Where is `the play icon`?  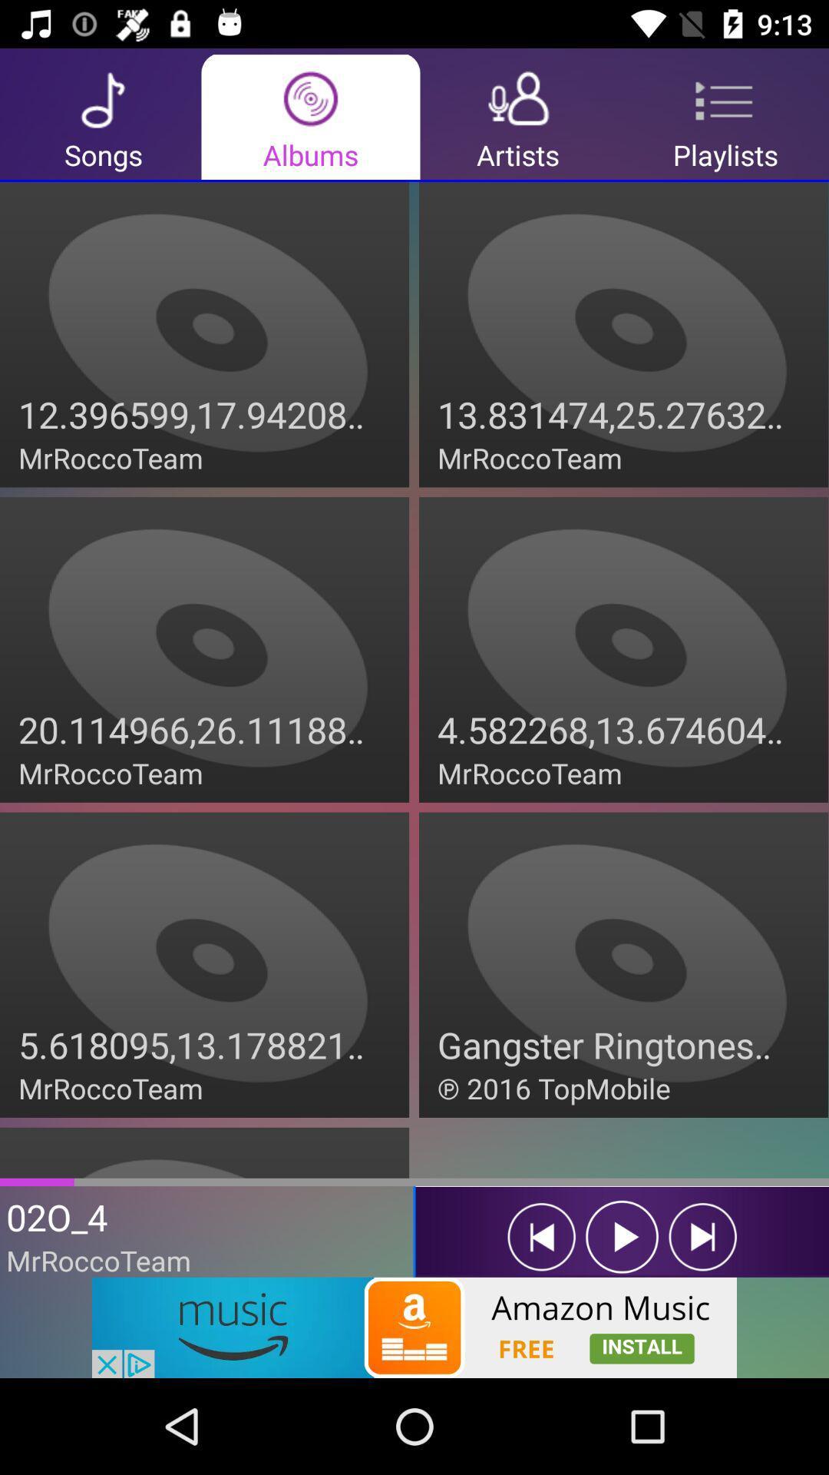
the play icon is located at coordinates (622, 1237).